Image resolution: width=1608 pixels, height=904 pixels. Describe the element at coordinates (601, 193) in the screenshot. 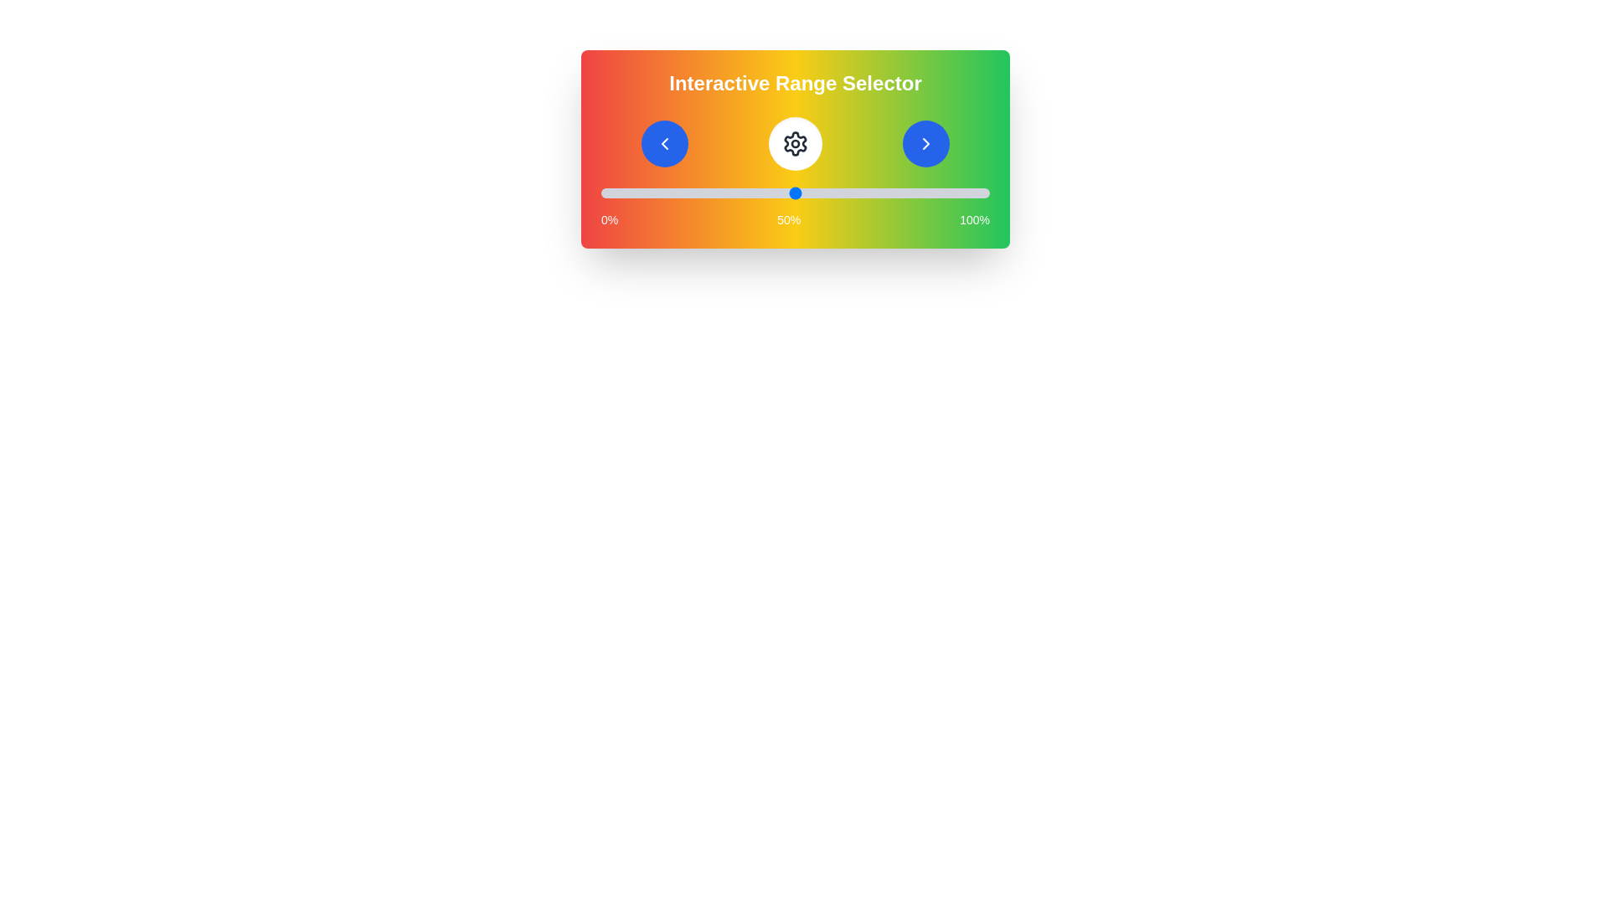

I see `the slider to set the value to 0` at that location.